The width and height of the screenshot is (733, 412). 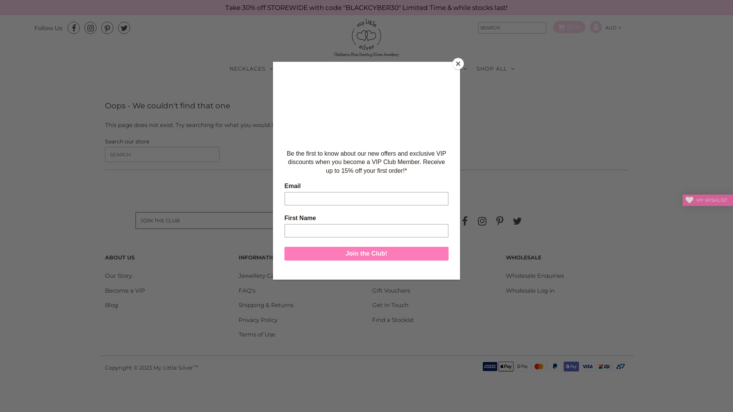 I want to click on '  $0.00', so click(x=566, y=27).